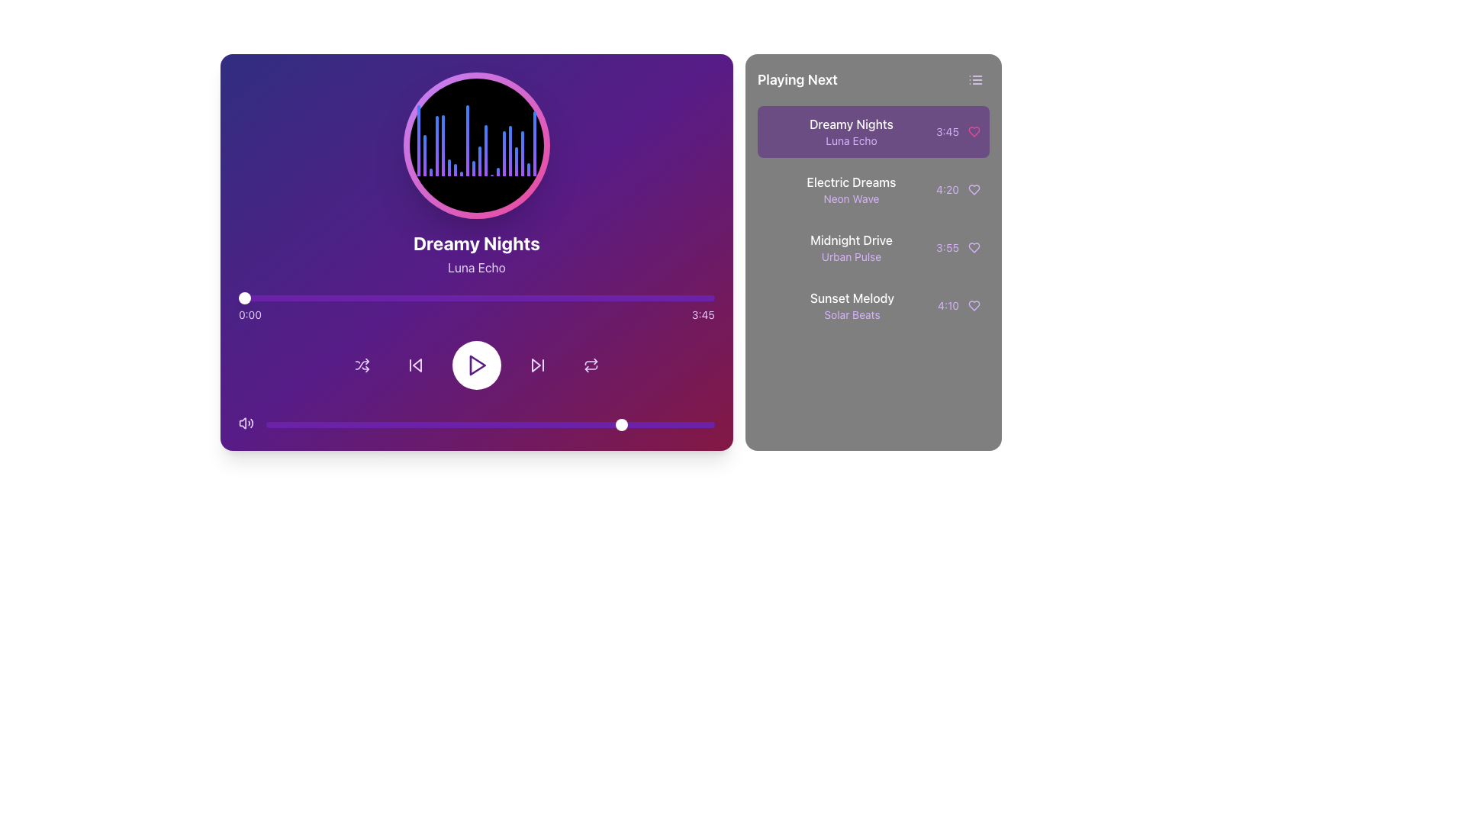 This screenshot has width=1465, height=824. What do you see at coordinates (475, 146) in the screenshot?
I see `the circular audio visualization component with a gradient border from purple to pink and a black inner background, displaying colorful bars in blue shades, centered above the texts 'Dreamy Nights' and 'Luna Echo'` at bounding box center [475, 146].